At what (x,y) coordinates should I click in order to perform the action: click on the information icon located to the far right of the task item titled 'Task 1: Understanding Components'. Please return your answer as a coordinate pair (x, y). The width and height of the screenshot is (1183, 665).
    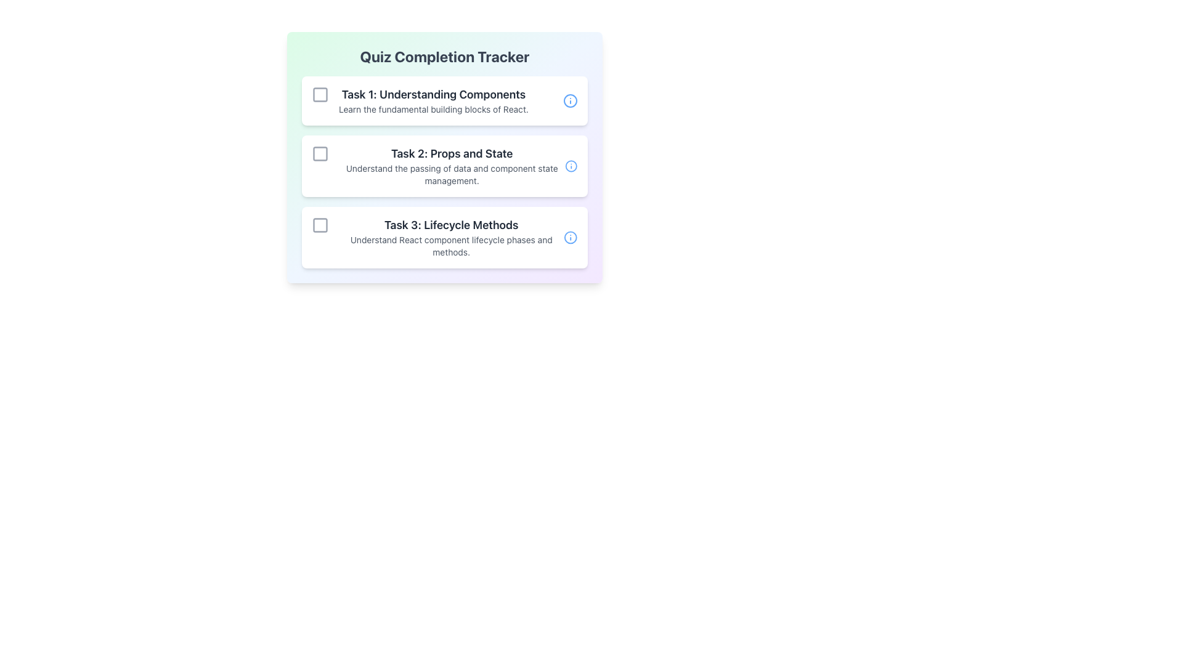
    Looking at the image, I should click on (570, 100).